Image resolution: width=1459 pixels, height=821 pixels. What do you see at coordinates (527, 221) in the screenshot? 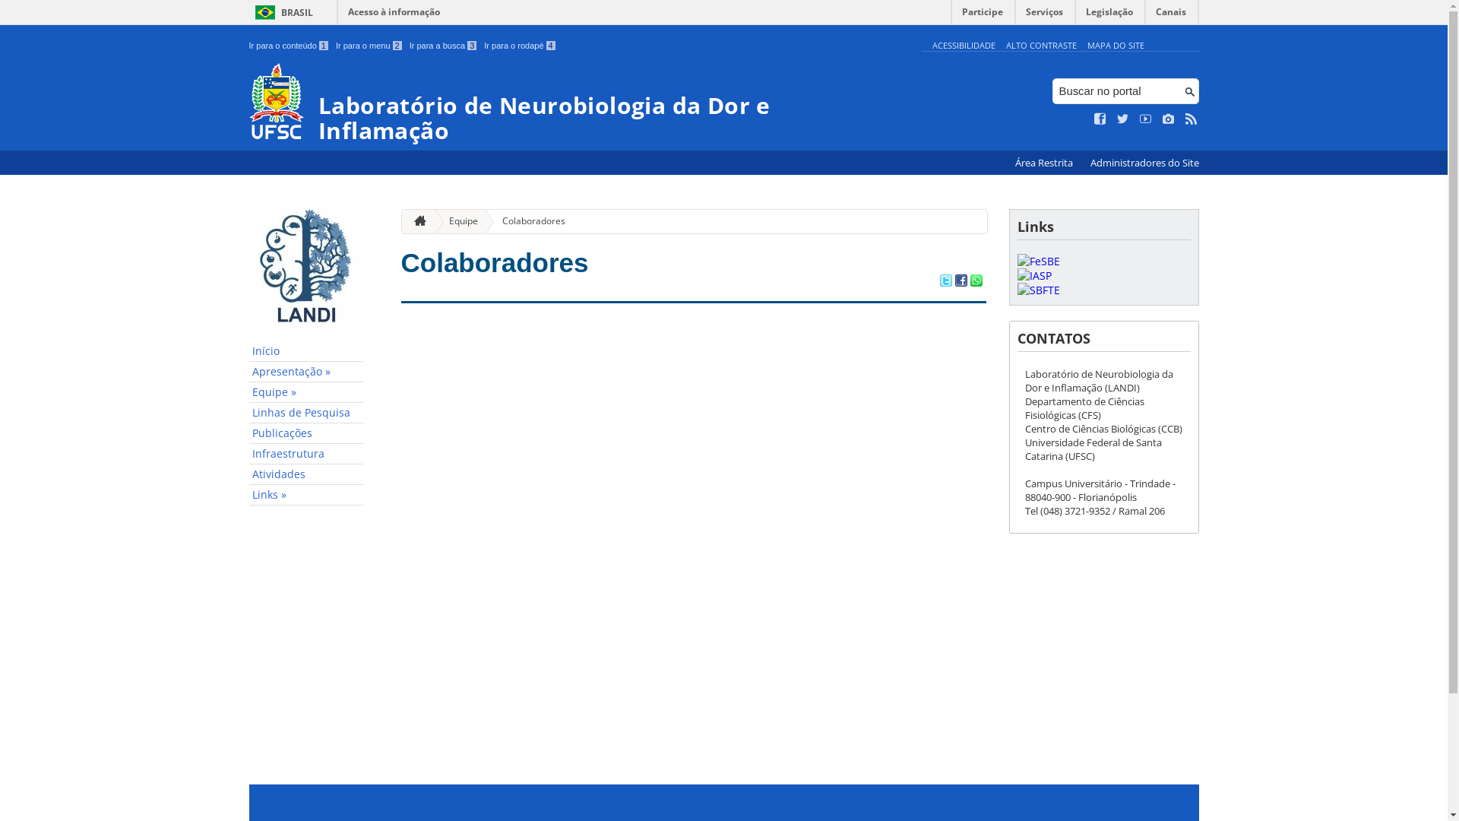
I see `'Colaboradores'` at bounding box center [527, 221].